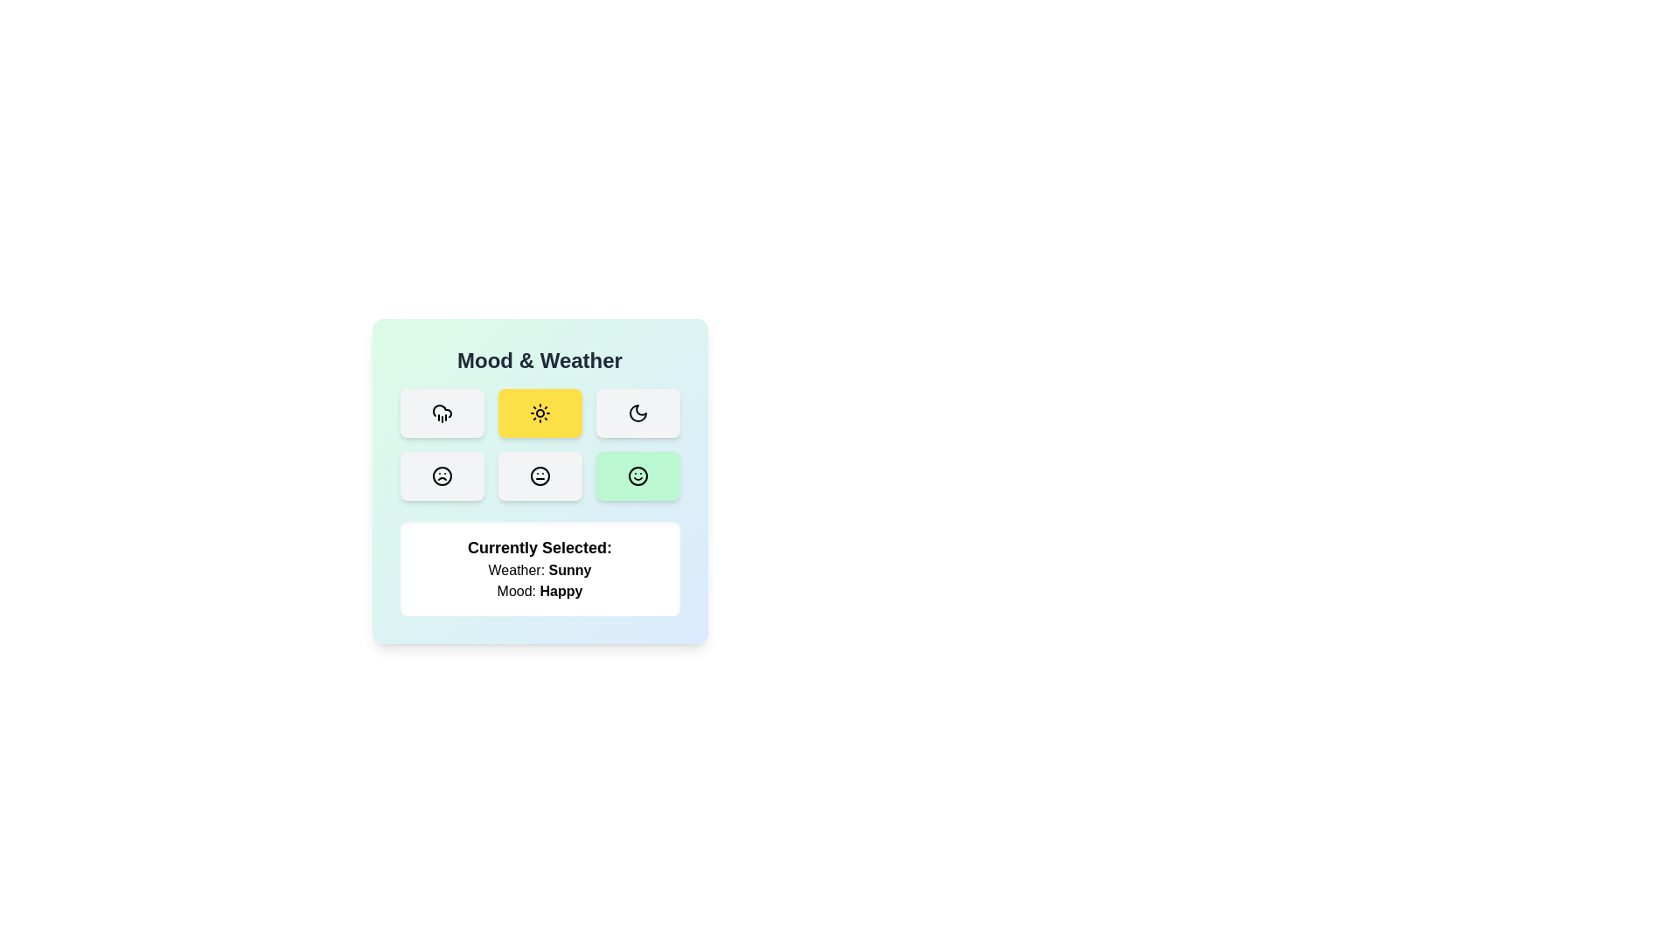 The width and height of the screenshot is (1679, 944). What do you see at coordinates (539, 413) in the screenshot?
I see `the 'sunny' weather condition icon using keyboard navigation to focus on it, located in the second column of the first row in the weather icon grid` at bounding box center [539, 413].